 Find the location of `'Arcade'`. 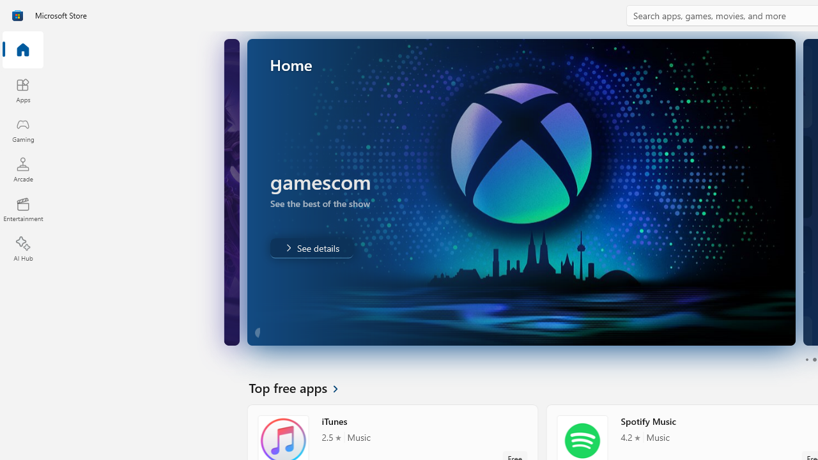

'Arcade' is located at coordinates (22, 169).